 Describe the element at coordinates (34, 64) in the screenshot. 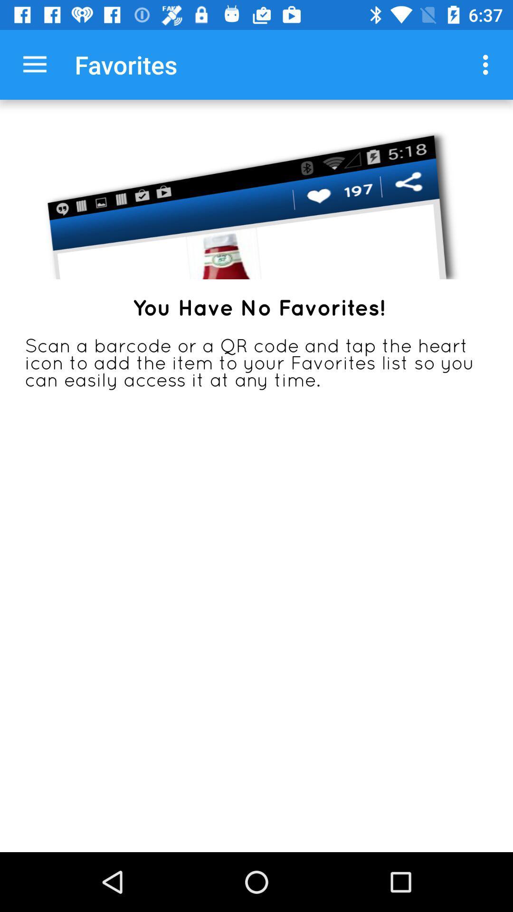

I see `the item next to the favorites item` at that location.